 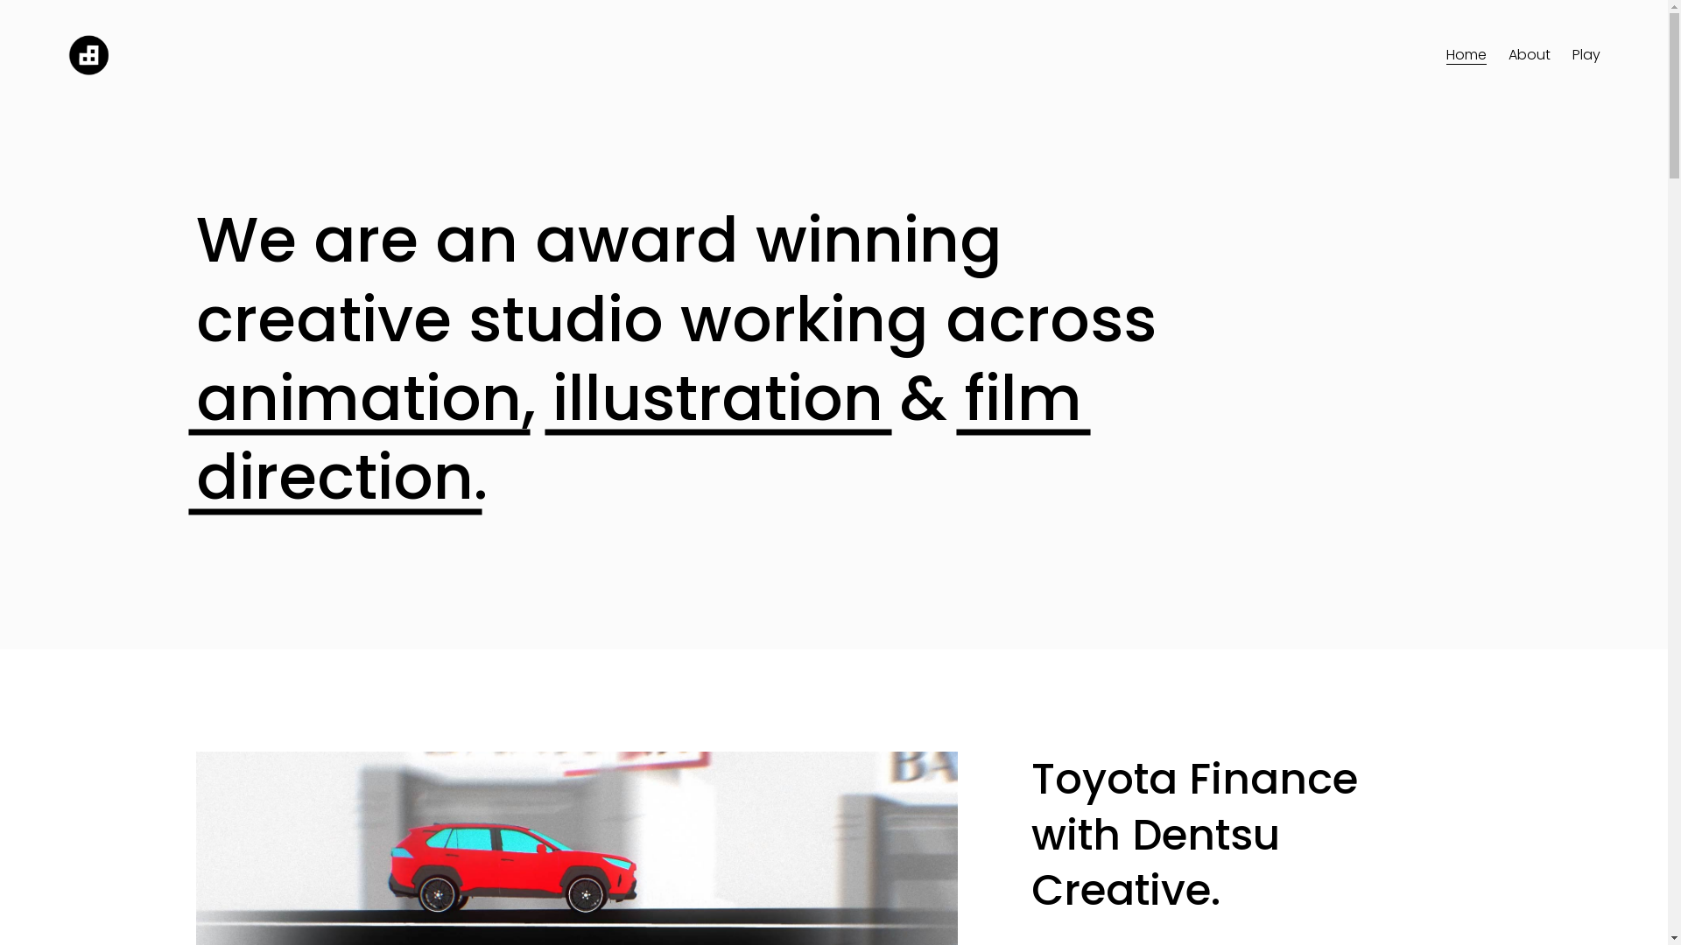 What do you see at coordinates (1572, 55) in the screenshot?
I see `'Play'` at bounding box center [1572, 55].